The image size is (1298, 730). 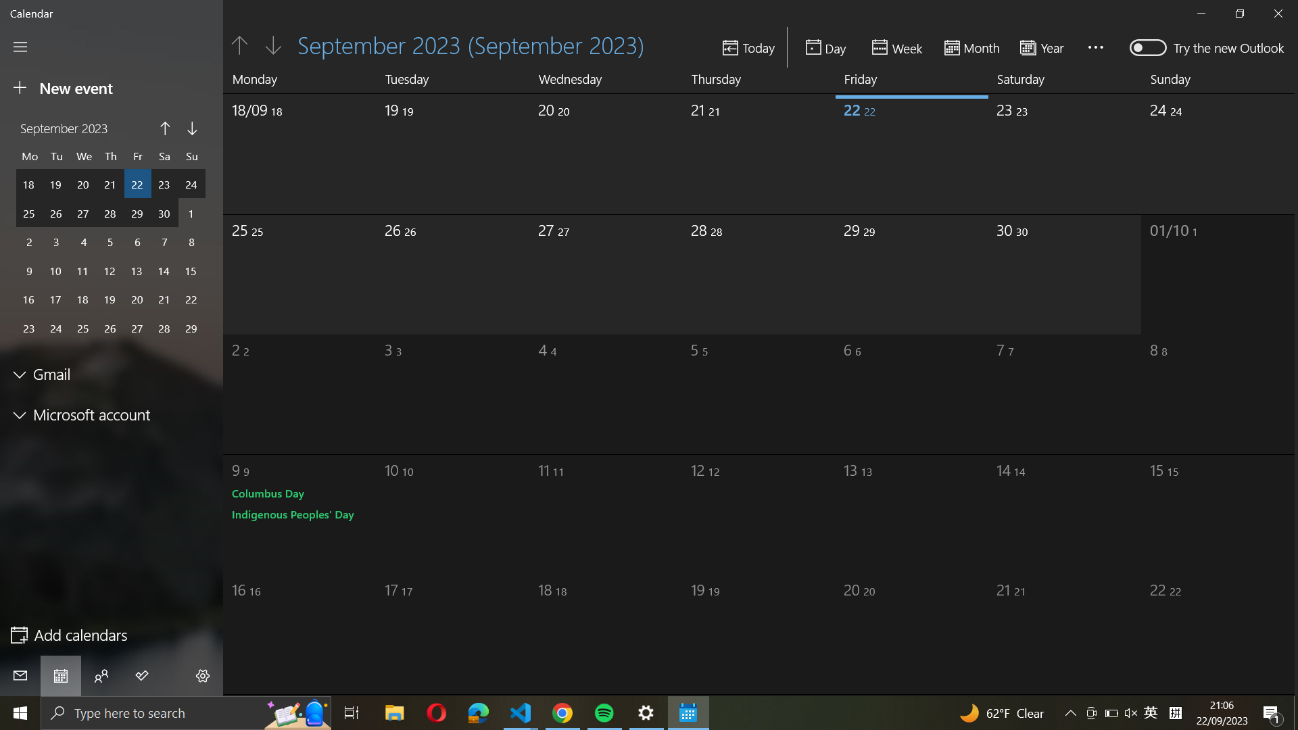 What do you see at coordinates (20, 46) in the screenshot?
I see `Click to unveil the sidebar` at bounding box center [20, 46].